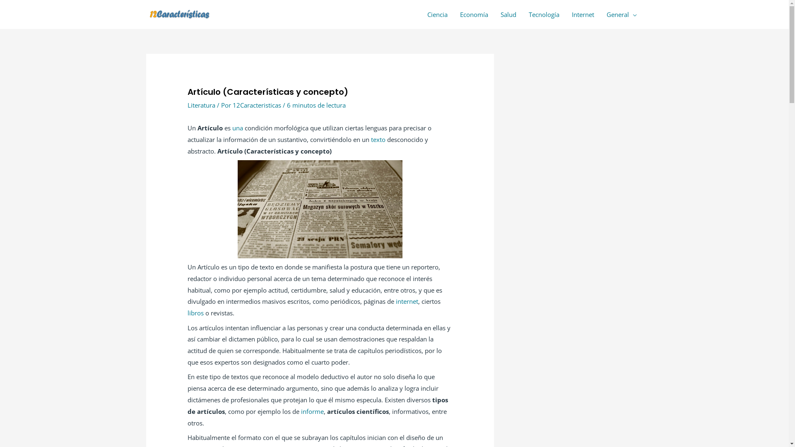 The height and width of the screenshot is (447, 795). I want to click on 'informe', so click(312, 411).